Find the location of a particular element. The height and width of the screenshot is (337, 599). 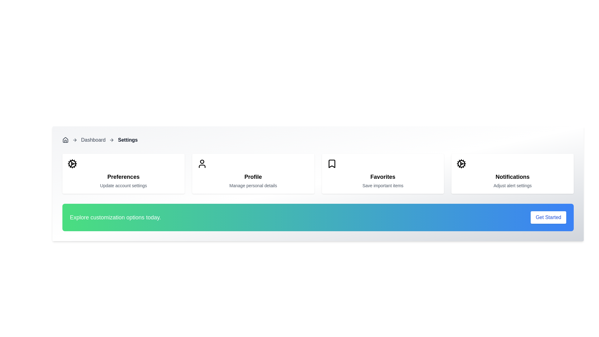

the text label displaying 'Manage personal details', which is located below the 'Profile' header in the card layout is located at coordinates (253, 185).